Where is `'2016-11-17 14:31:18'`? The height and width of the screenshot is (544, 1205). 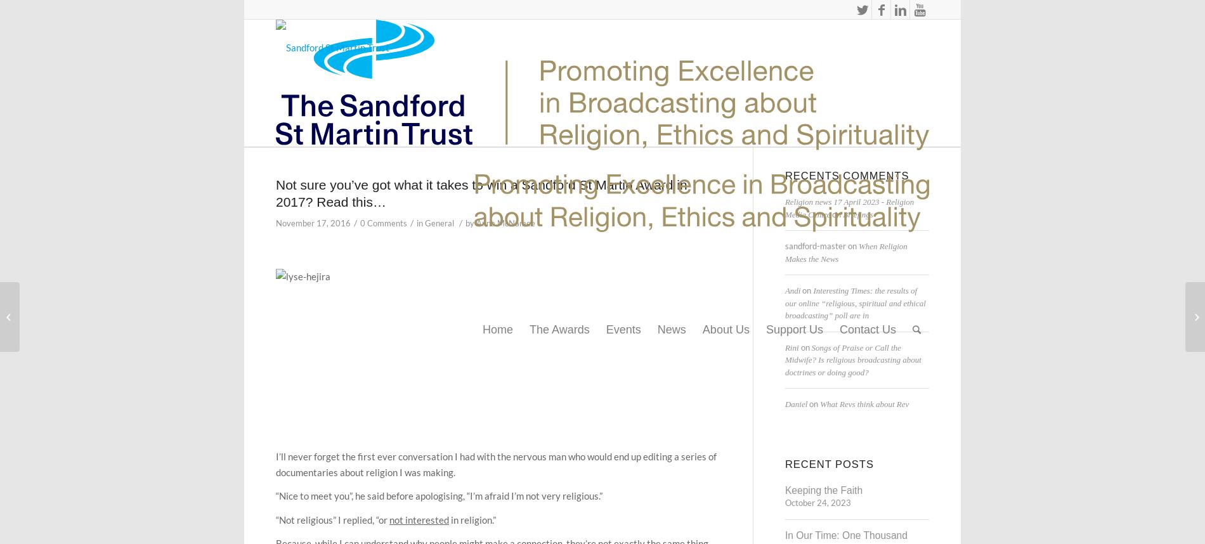 '2016-11-17 14:31:18' is located at coordinates (365, 207).